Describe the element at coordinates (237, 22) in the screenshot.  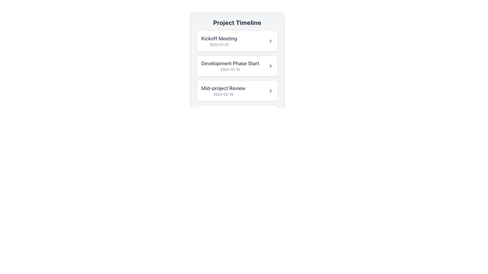
I see `text from the 'Project Timeline' header label, which is centrally positioned at the top of its enclosing card` at that location.